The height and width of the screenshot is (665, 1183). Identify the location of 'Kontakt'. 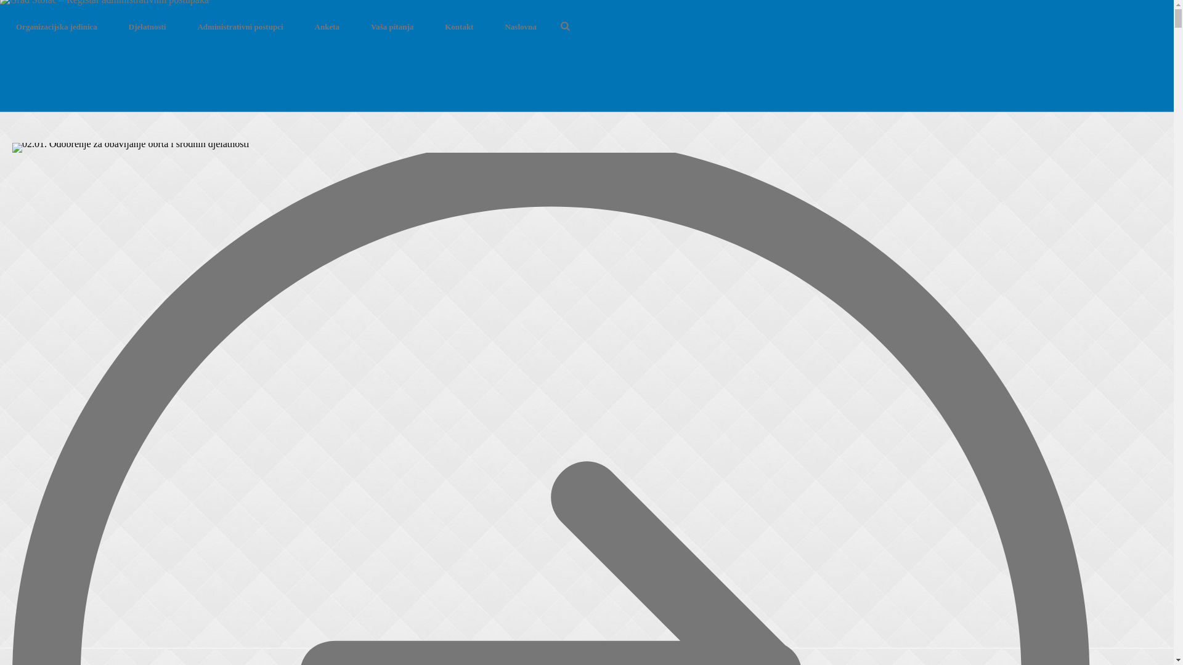
(458, 26).